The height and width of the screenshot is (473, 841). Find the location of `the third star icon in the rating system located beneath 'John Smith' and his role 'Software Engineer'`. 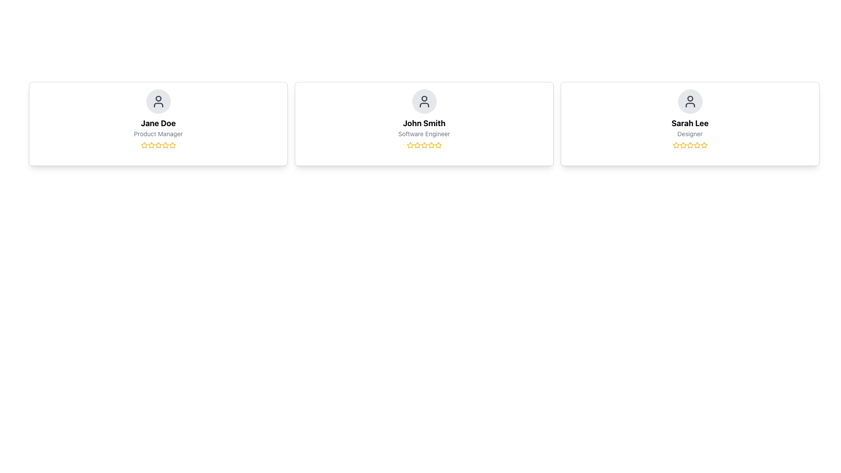

the third star icon in the rating system located beneath 'John Smith' and his role 'Software Engineer' is located at coordinates (417, 145).